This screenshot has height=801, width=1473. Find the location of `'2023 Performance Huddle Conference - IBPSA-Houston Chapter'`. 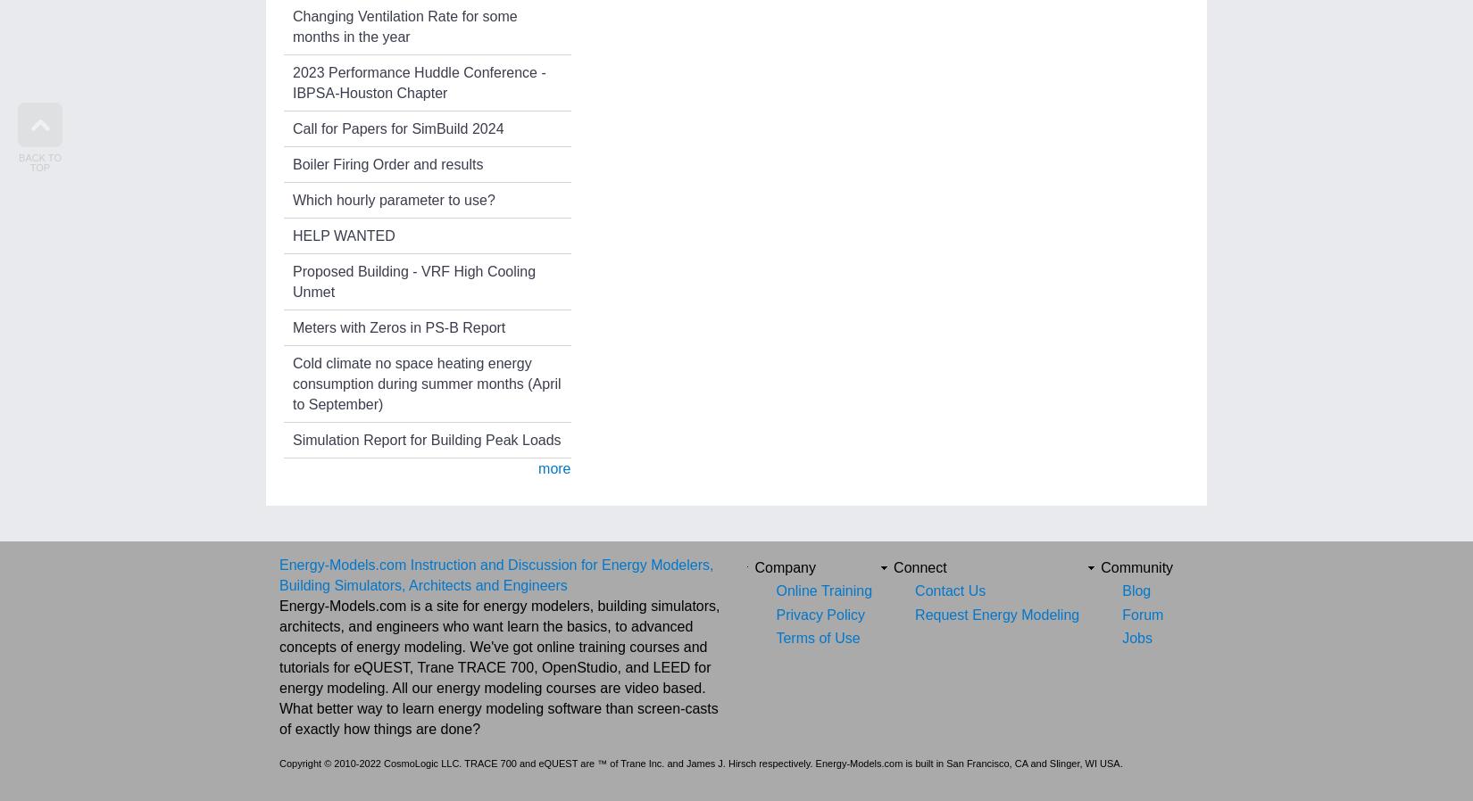

'2023 Performance Huddle Conference - IBPSA-Houston Chapter' is located at coordinates (293, 80).